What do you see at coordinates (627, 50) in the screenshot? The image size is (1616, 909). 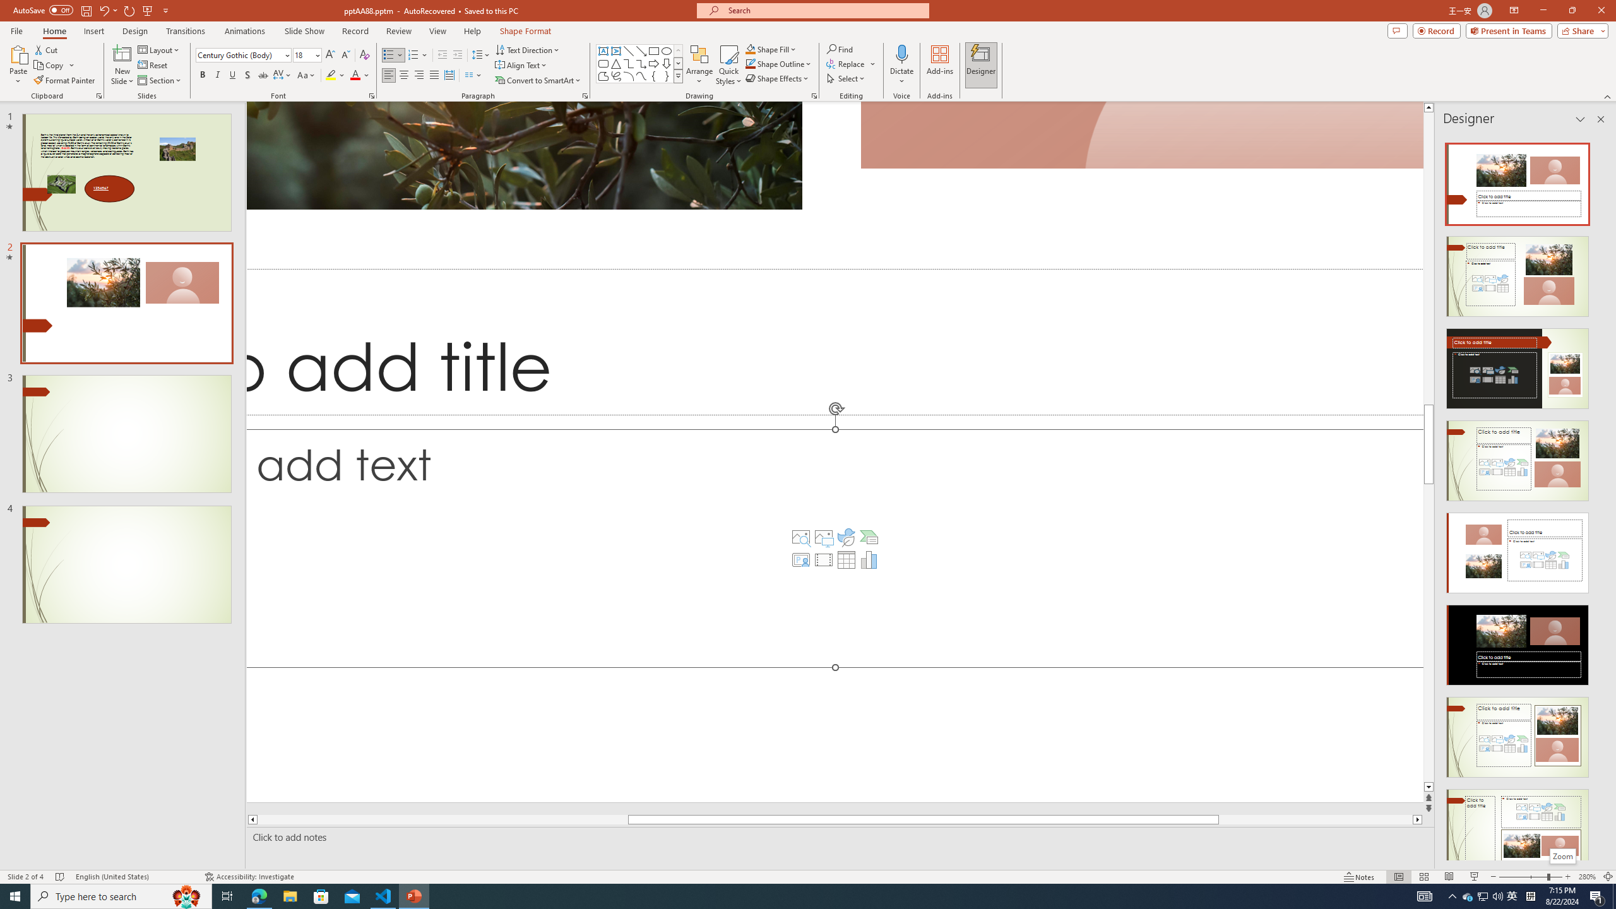 I see `'Line'` at bounding box center [627, 50].